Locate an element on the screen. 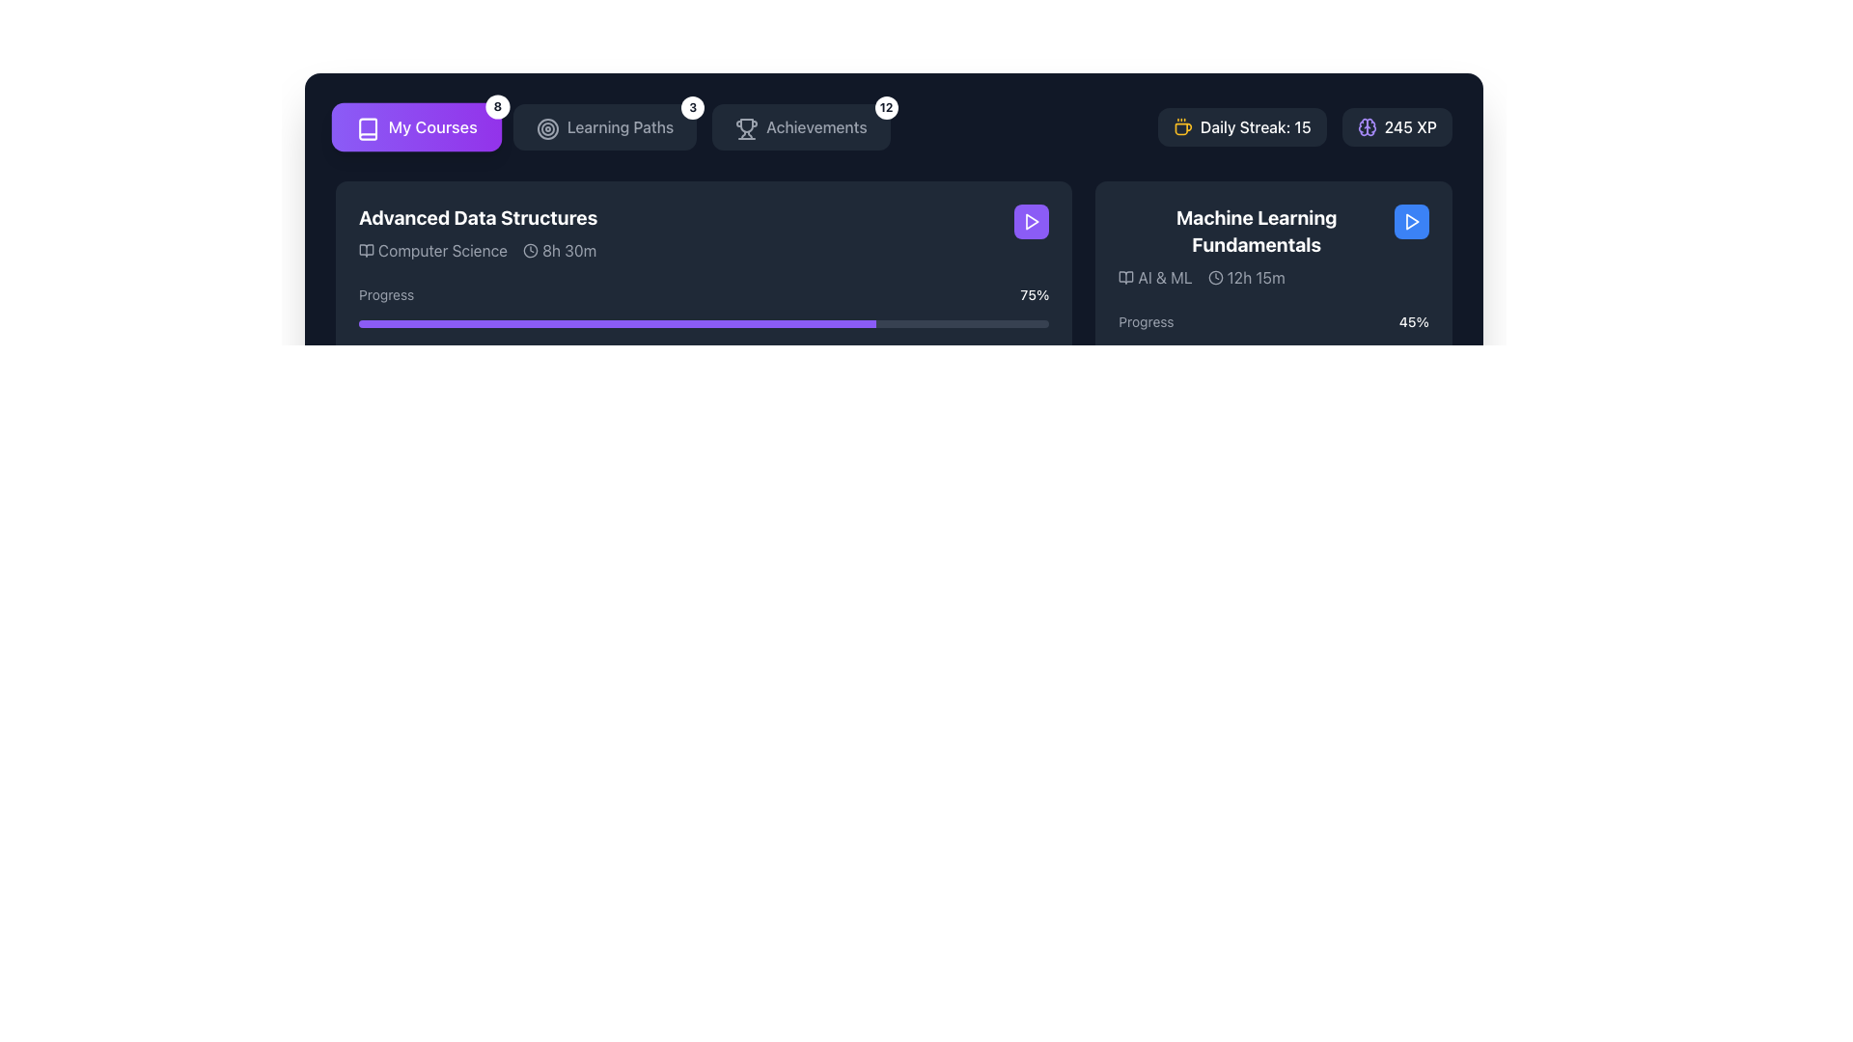  text and percentage of the progress bar labeled 'Progress' within the 'Advanced Data Structures' card, which displays a filled section indicating 75% is located at coordinates (703, 305).